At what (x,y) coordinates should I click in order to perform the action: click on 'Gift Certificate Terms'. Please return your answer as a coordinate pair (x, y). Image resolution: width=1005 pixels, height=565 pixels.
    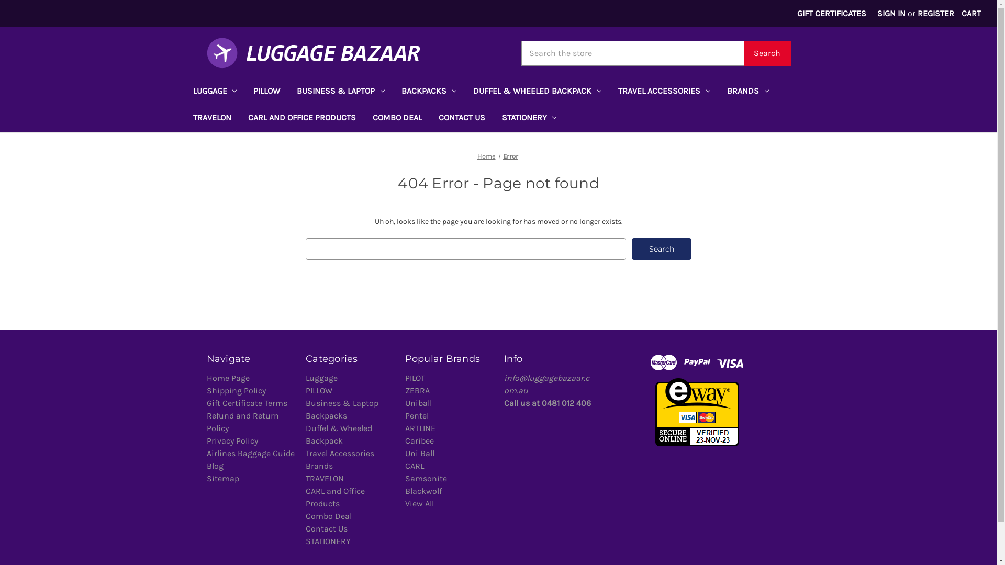
    Looking at the image, I should click on (206, 402).